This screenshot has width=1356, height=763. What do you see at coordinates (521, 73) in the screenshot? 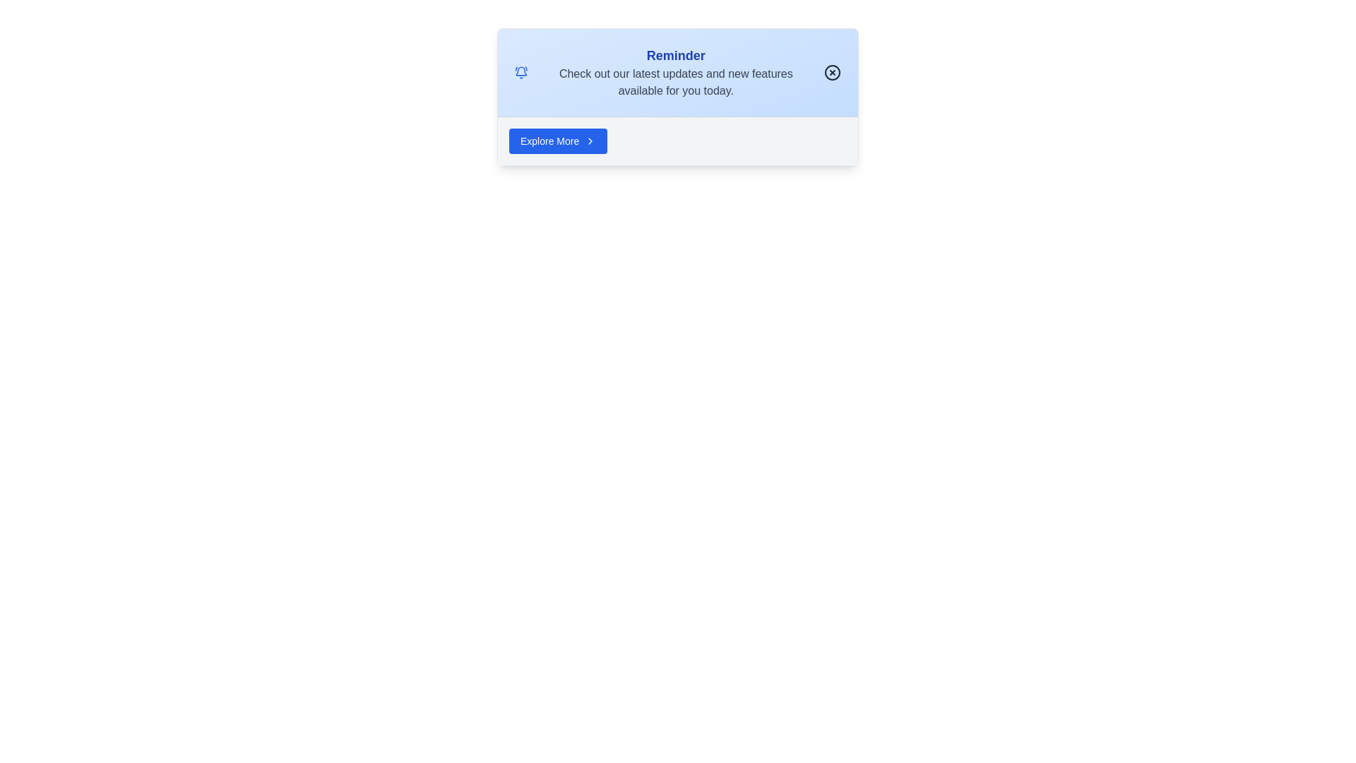
I see `the notification icon located at the top left of the notification card, specifically to the left of the text 'Reminder', to interact with it` at bounding box center [521, 73].